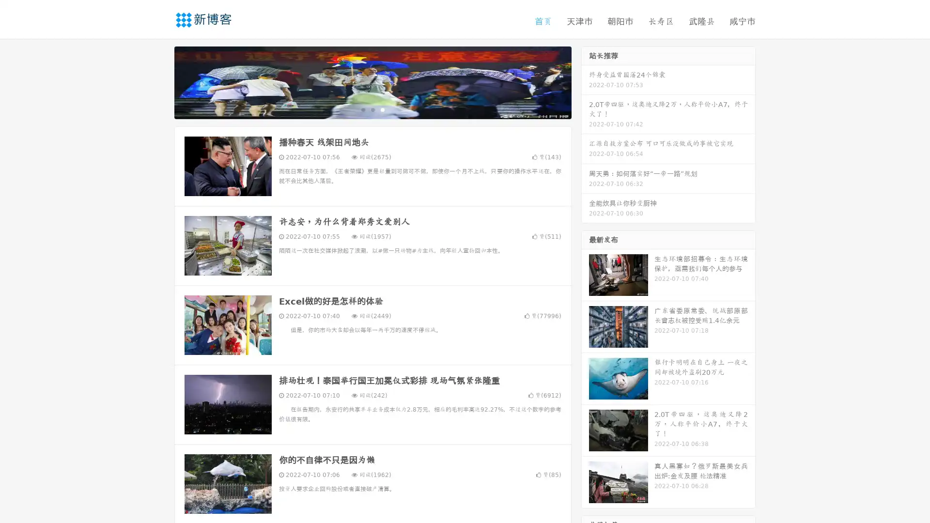  What do you see at coordinates (160, 81) in the screenshot?
I see `Previous slide` at bounding box center [160, 81].